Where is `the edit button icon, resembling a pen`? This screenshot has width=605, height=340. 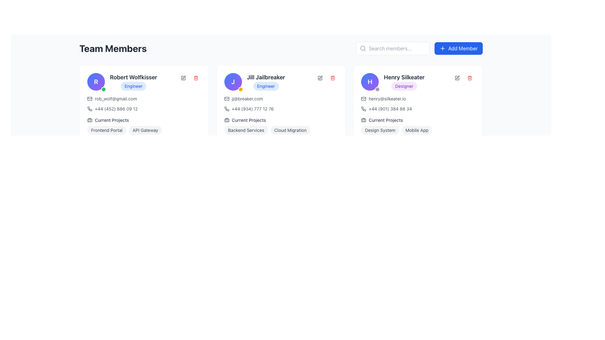 the edit button icon, resembling a pen is located at coordinates (457, 77).